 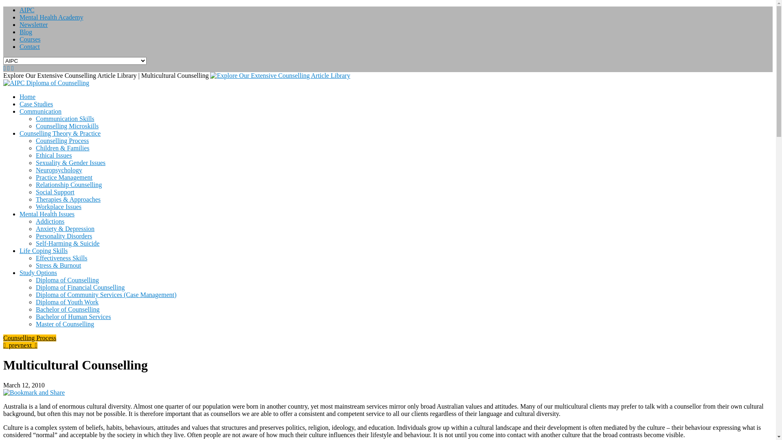 I want to click on 'Twitter', so click(x=8, y=68).